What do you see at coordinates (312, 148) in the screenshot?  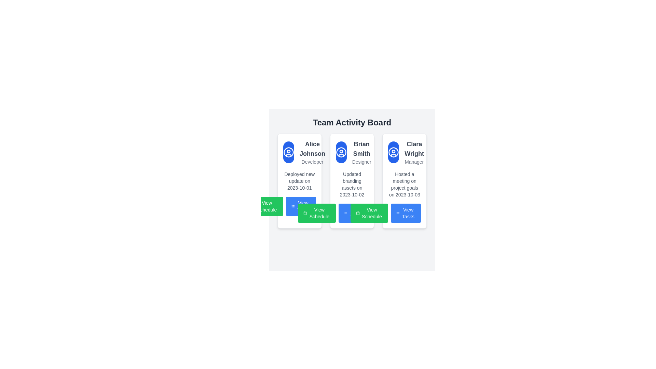 I see `the Text Label displaying 'Alice Johnson', which is positioned in the first card on the left, above the text 'Developer'` at bounding box center [312, 148].